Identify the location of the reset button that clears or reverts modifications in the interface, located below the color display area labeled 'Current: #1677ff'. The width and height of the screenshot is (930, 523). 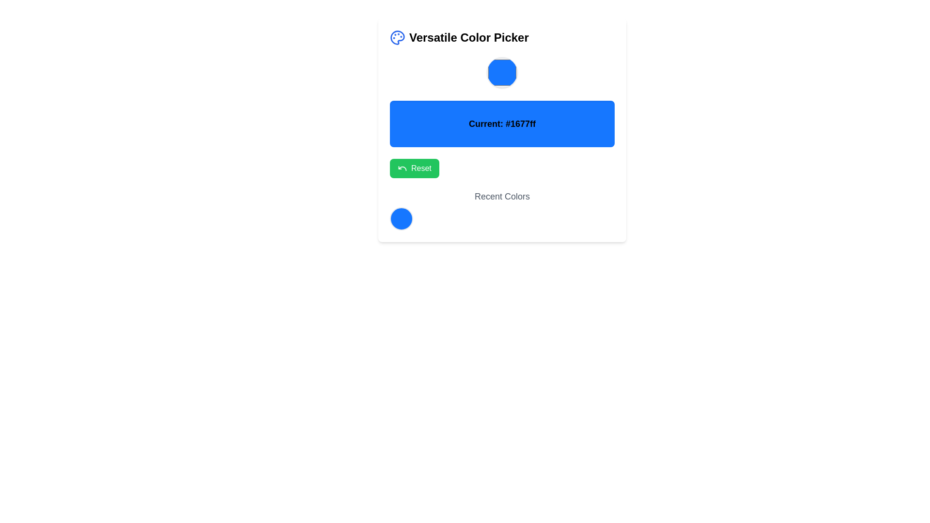
(414, 168).